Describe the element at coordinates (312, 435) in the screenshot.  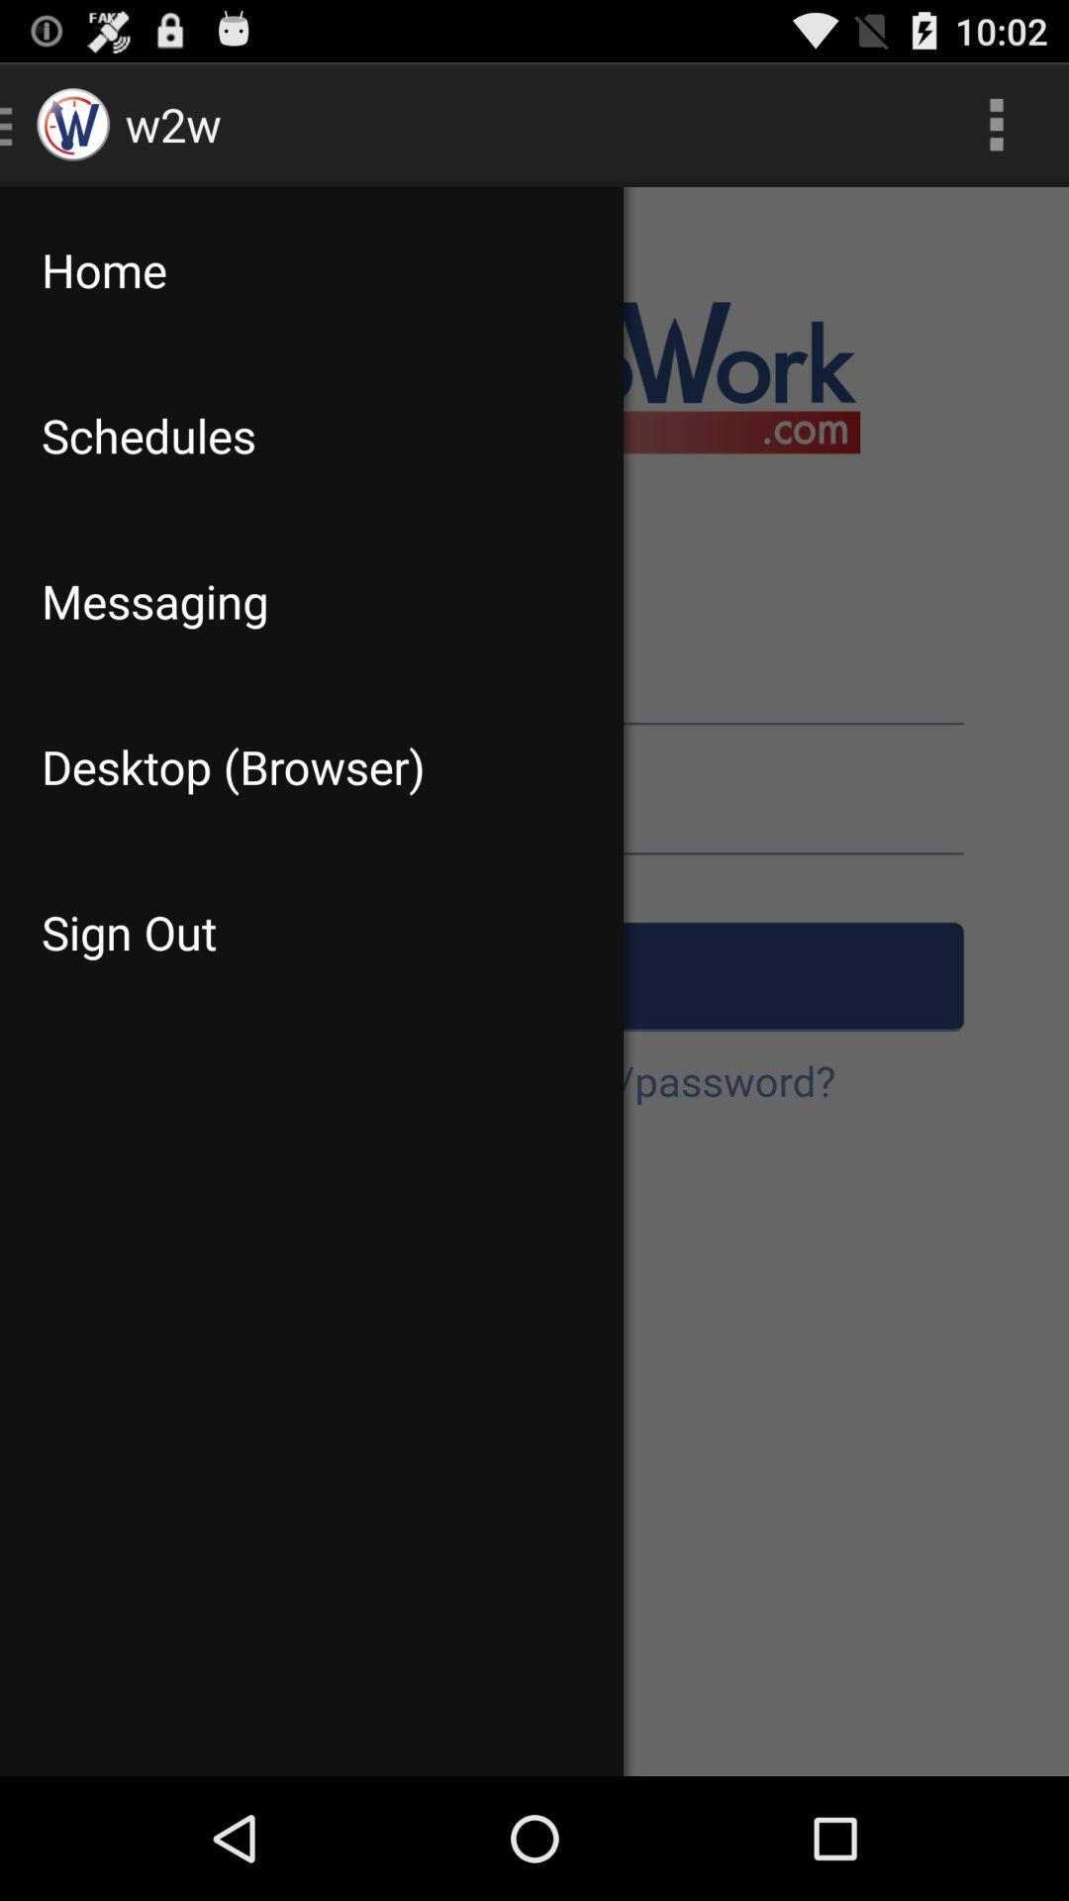
I see `app below the home icon` at that location.